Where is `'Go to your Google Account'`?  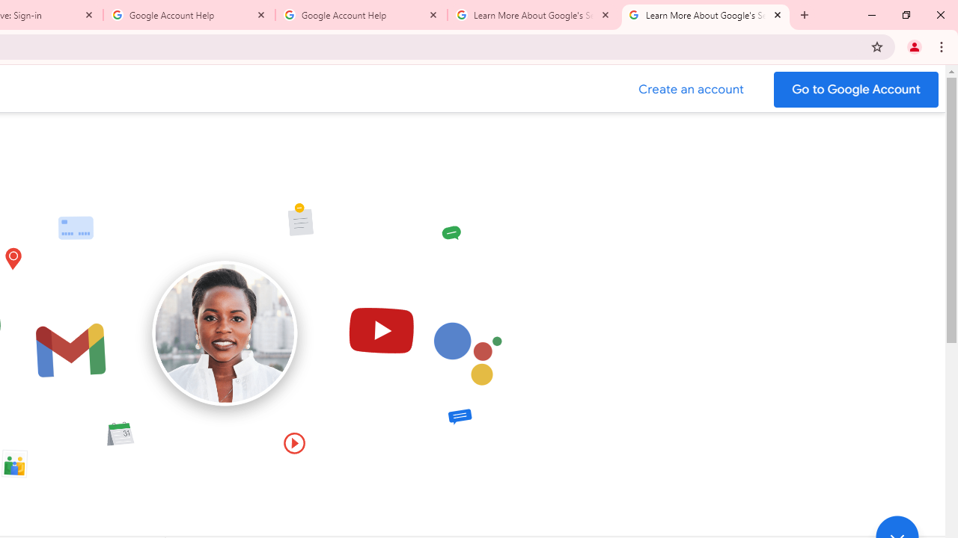
'Go to your Google Account' is located at coordinates (856, 89).